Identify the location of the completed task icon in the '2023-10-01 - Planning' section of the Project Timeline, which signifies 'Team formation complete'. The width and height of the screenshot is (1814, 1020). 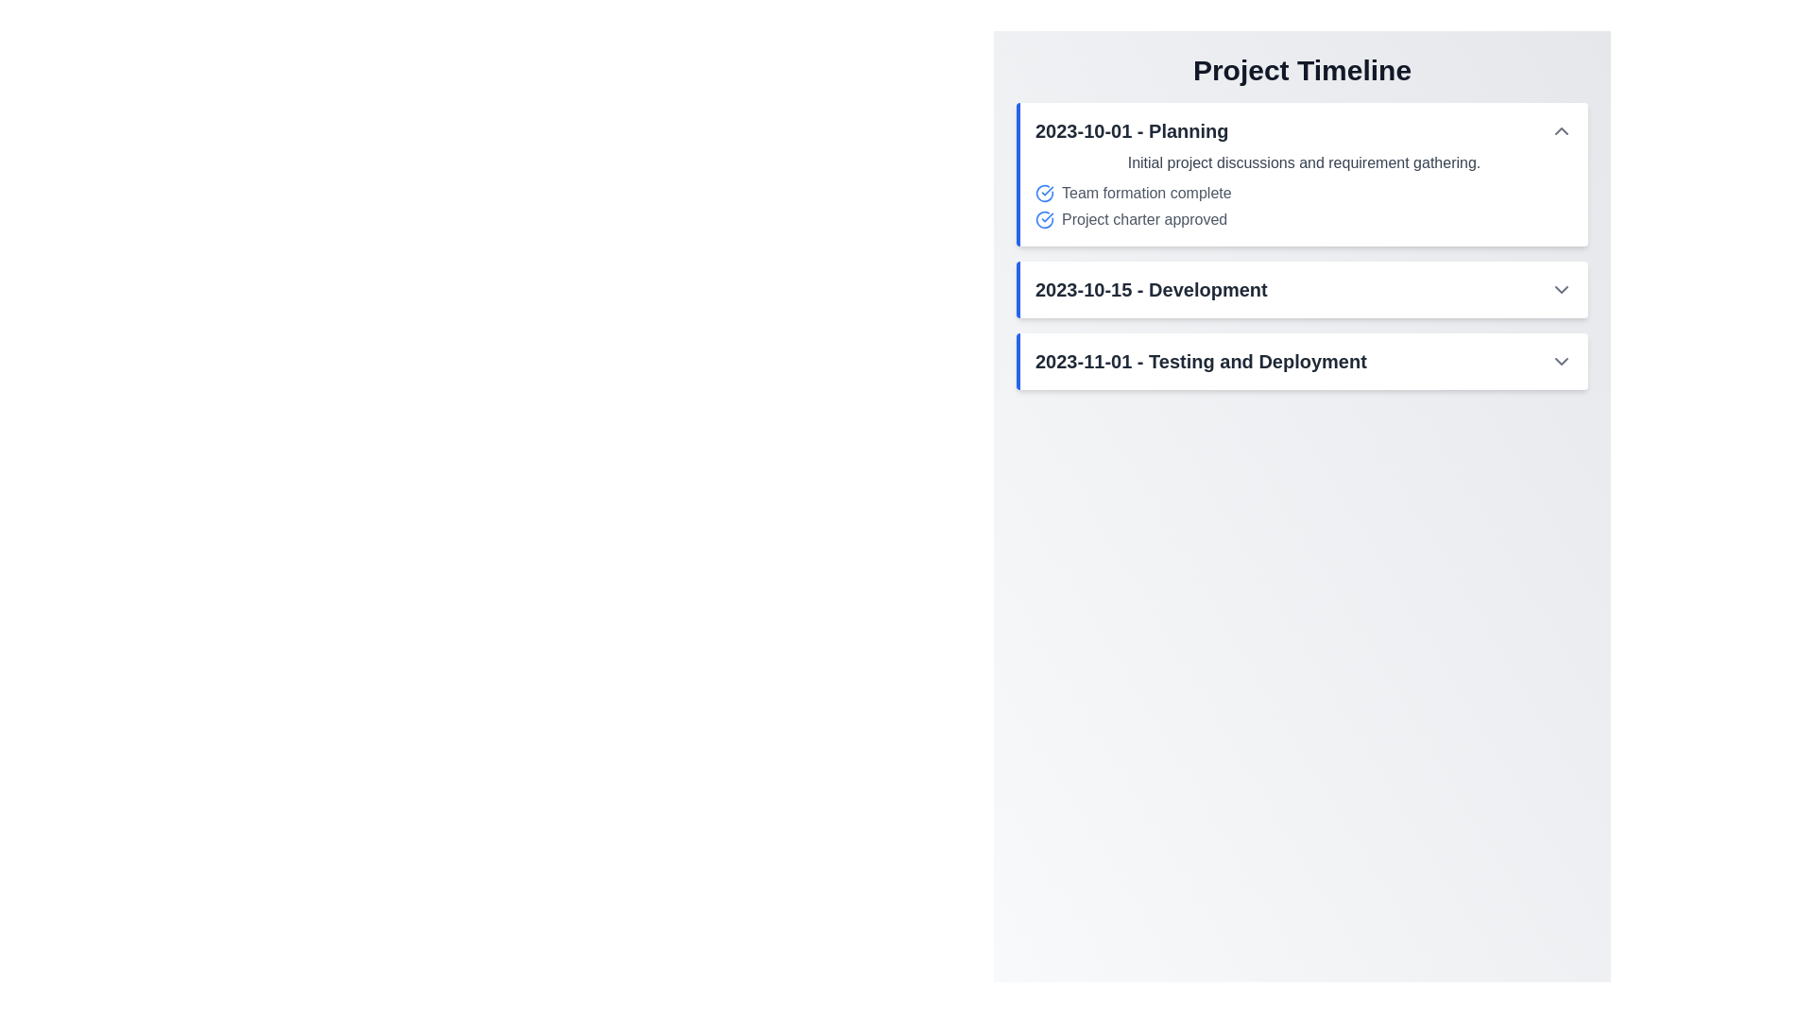
(1043, 193).